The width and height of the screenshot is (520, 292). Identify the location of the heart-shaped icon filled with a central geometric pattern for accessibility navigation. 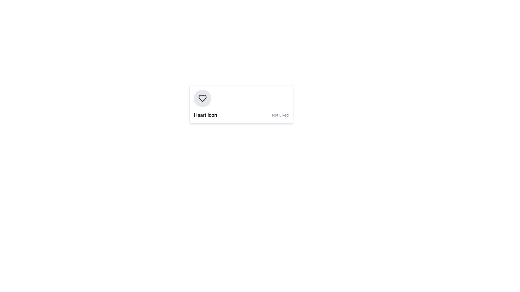
(202, 98).